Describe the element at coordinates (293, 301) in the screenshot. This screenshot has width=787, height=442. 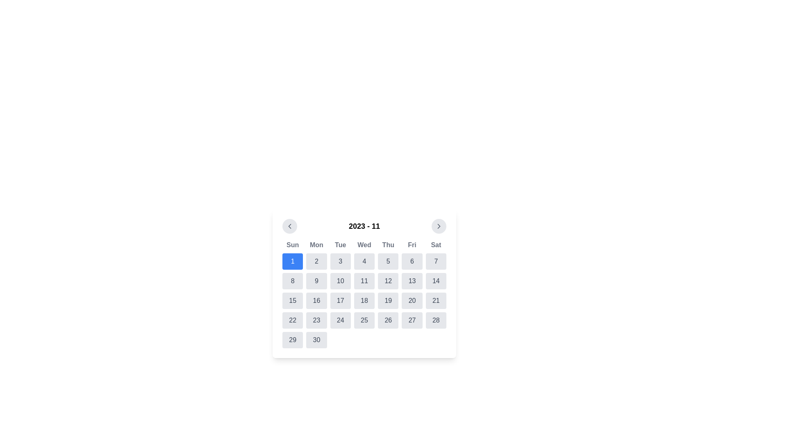
I see `the gray rectangular button with rounded corners labeled '15', which represents the fifteenth day in the calendar view` at that location.